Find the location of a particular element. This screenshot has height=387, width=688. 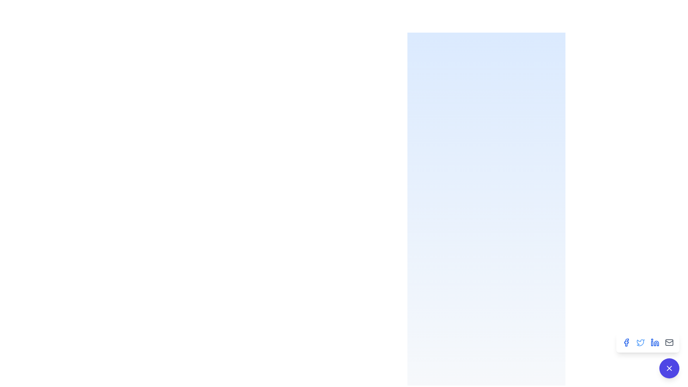

the LinkedIn SVG icon located towards the bottom-right corner of the interface is located at coordinates (656, 343).